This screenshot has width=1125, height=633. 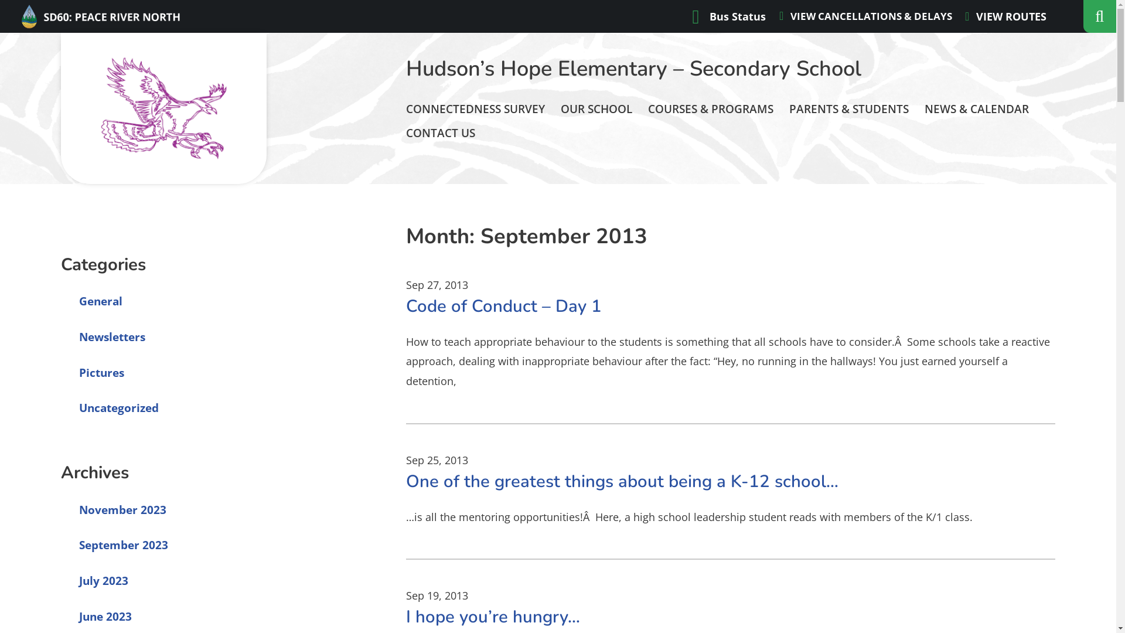 What do you see at coordinates (440, 132) in the screenshot?
I see `'CONTACT US'` at bounding box center [440, 132].